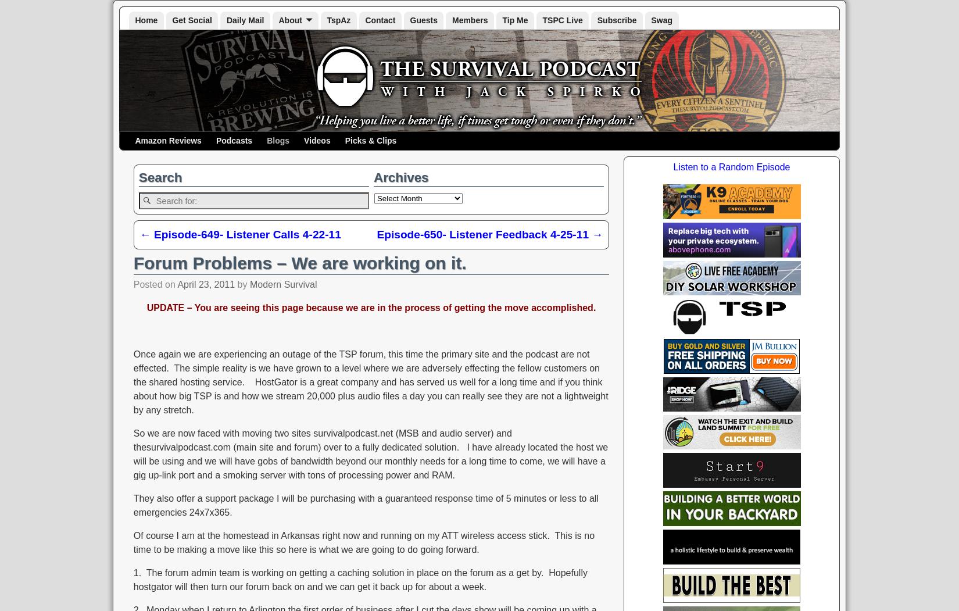  Describe the element at coordinates (484, 233) in the screenshot. I see `'Episode-650- Listener Feedback 4-25-11'` at that location.